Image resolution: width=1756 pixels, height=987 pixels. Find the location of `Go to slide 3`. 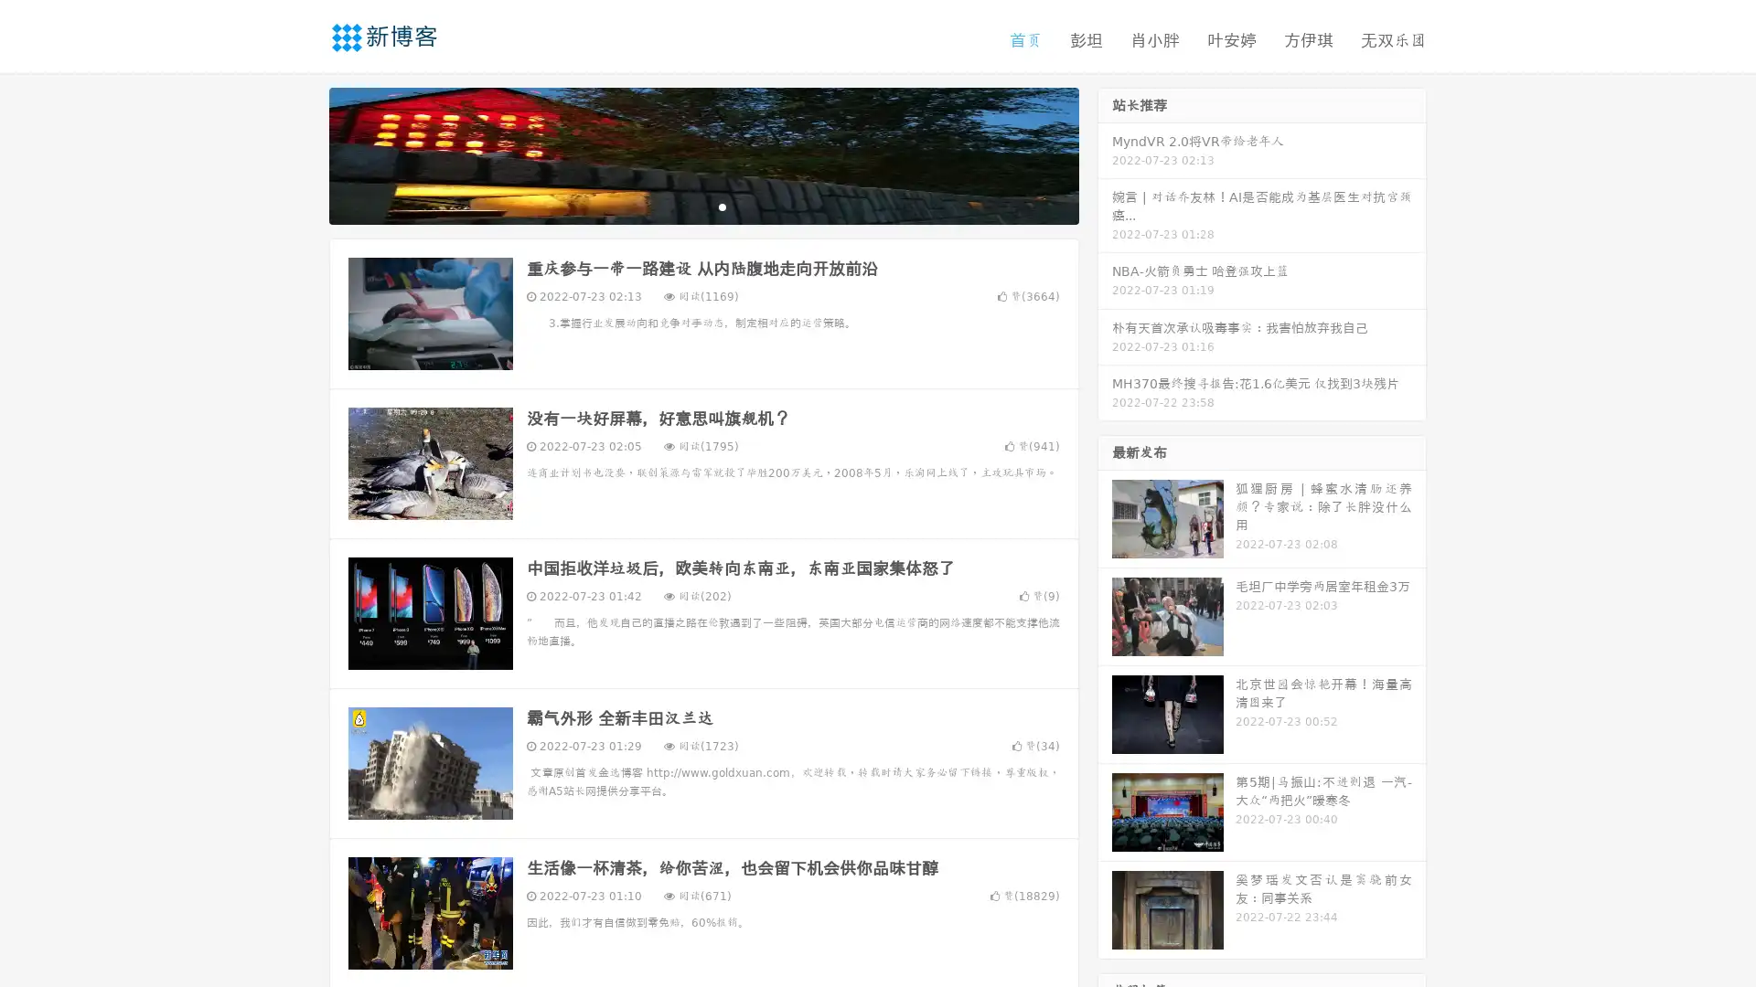

Go to slide 3 is located at coordinates (722, 206).